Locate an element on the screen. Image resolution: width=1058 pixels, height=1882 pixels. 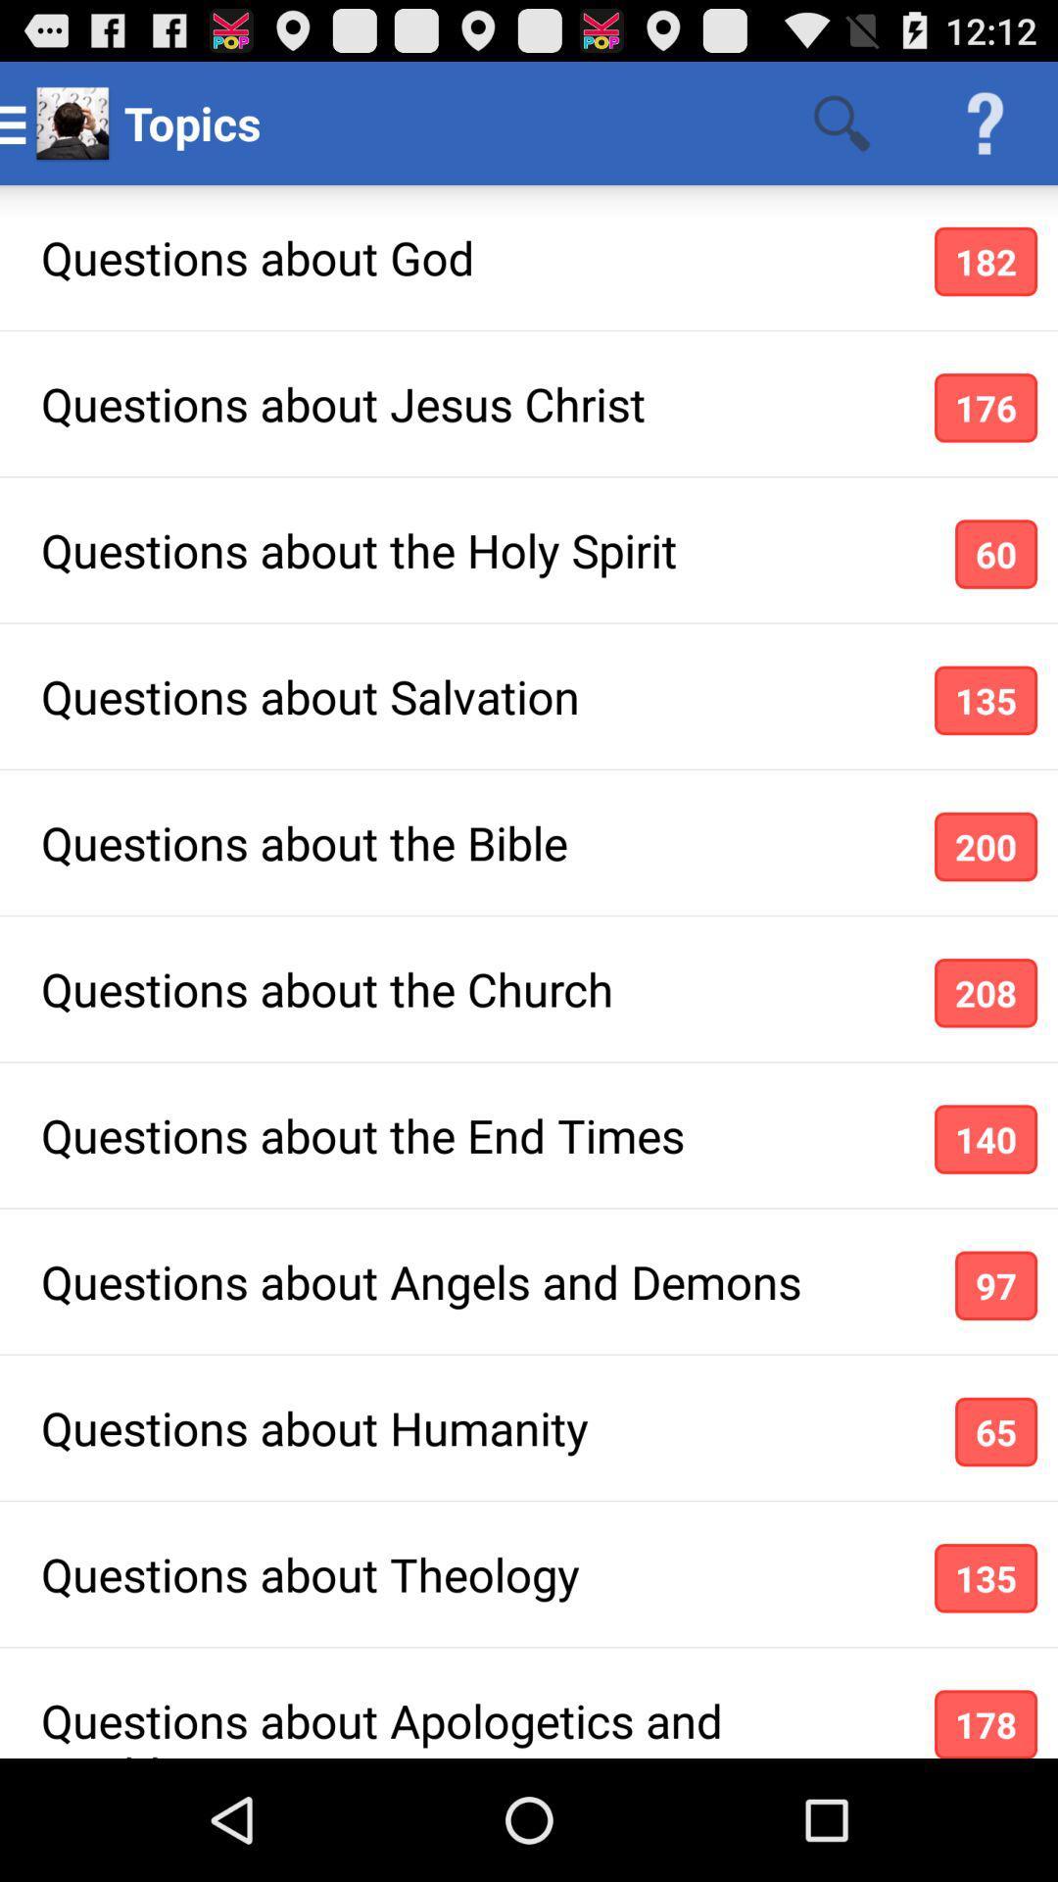
the icon to the right of the questions about angels item is located at coordinates (996, 1285).